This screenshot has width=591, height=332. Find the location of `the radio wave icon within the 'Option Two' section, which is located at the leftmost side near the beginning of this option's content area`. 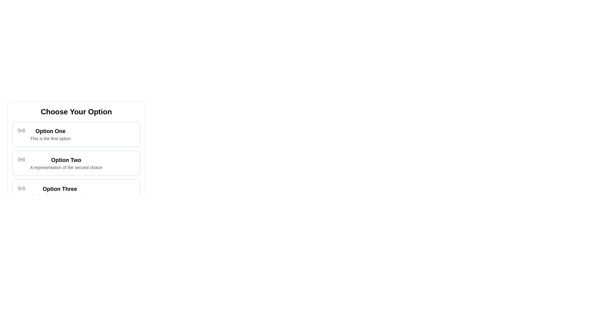

the radio wave icon within the 'Option Two' section, which is located at the leftmost side near the beginning of this option's content area is located at coordinates (22, 159).